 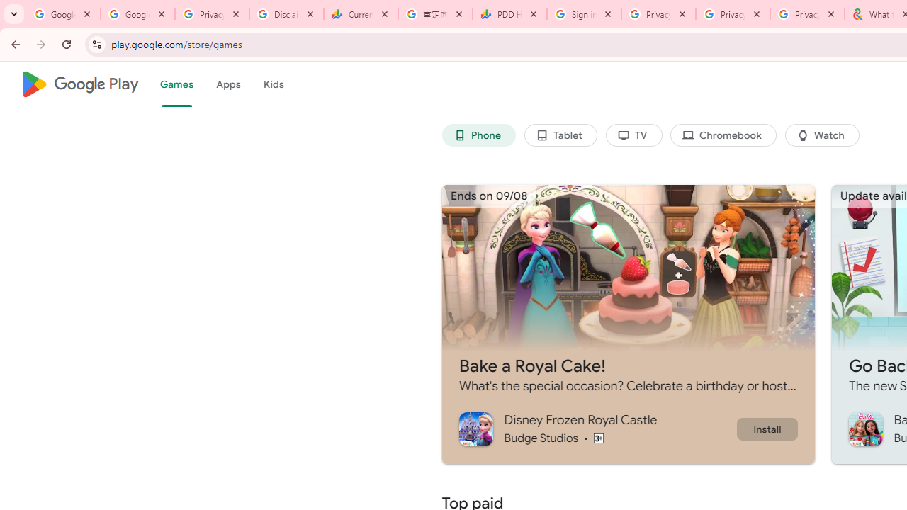 I want to click on 'Kids', so click(x=273, y=84).